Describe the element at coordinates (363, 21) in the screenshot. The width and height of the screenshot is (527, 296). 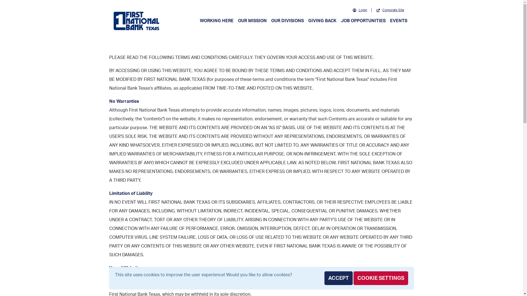
I see `'JOB OPPORTUNITIES'` at that location.